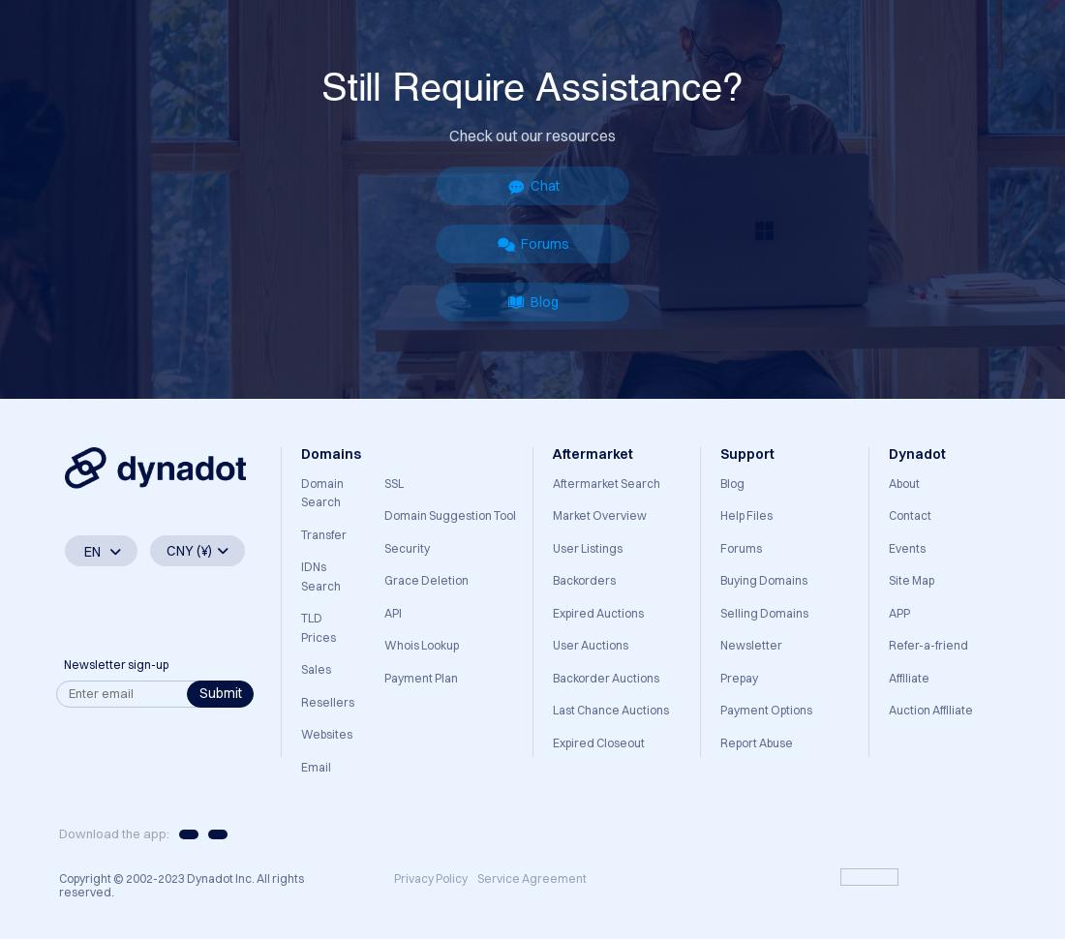 This screenshot has height=939, width=1065. I want to click on 'User Listings', so click(551, 546).